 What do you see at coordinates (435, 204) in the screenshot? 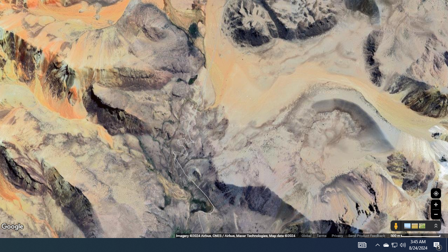
I see `'Zoom in'` at bounding box center [435, 204].